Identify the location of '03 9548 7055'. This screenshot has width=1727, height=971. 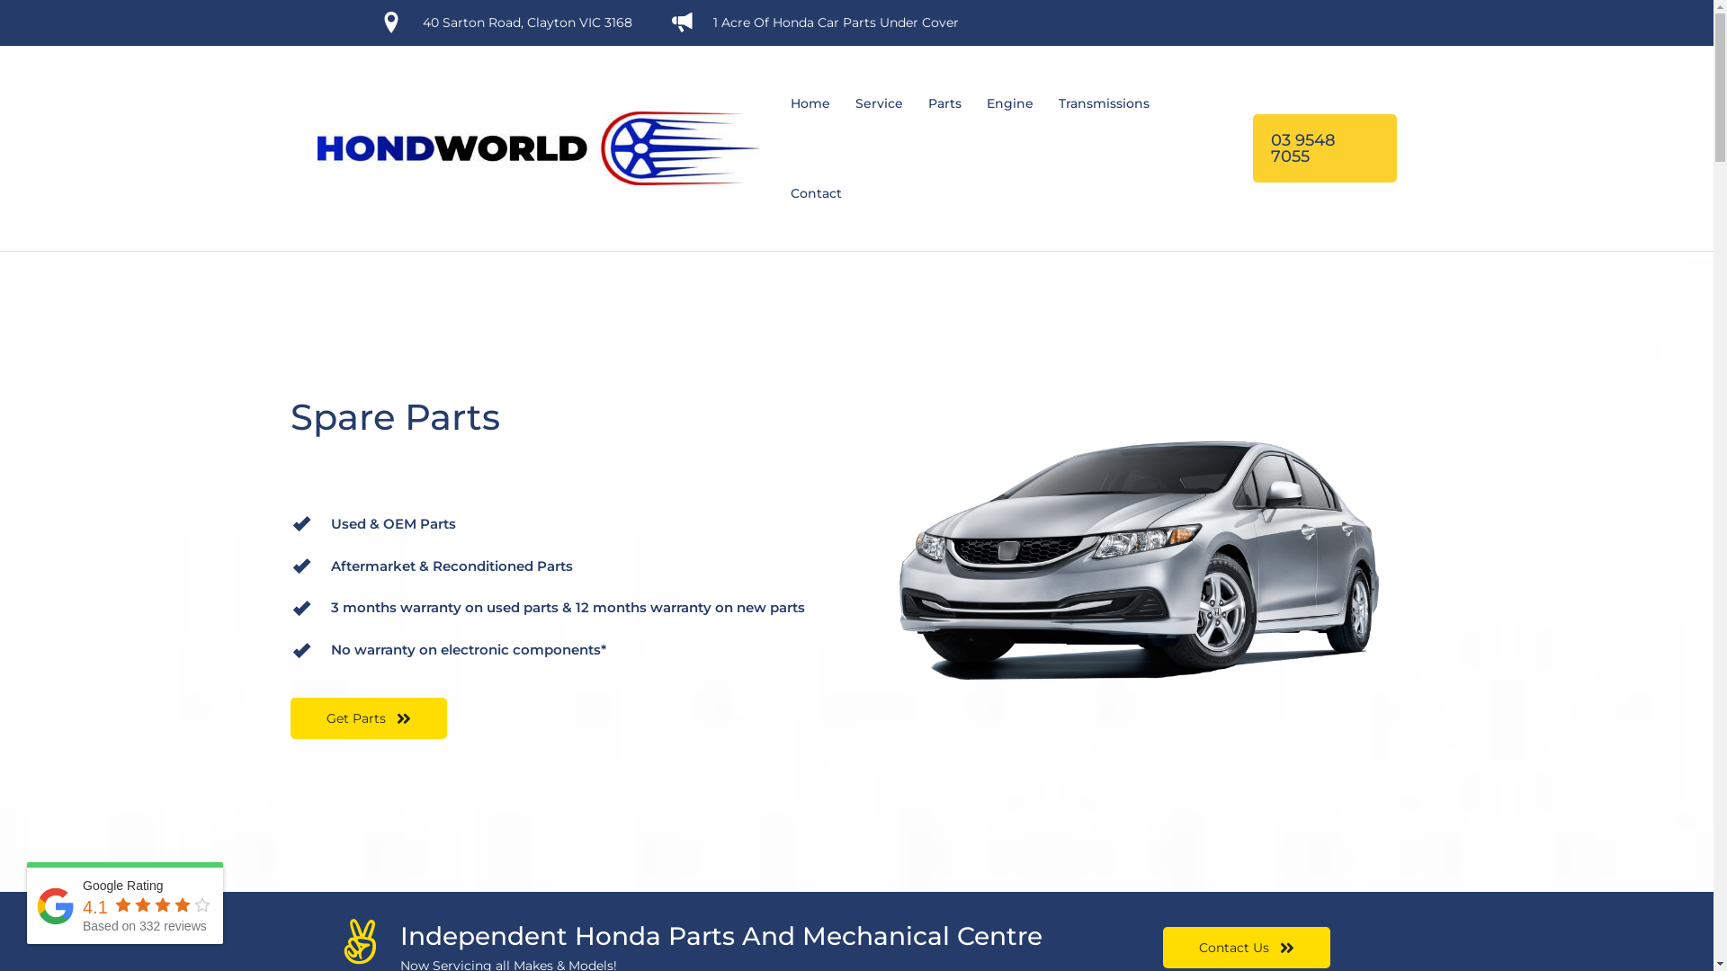
(1324, 147).